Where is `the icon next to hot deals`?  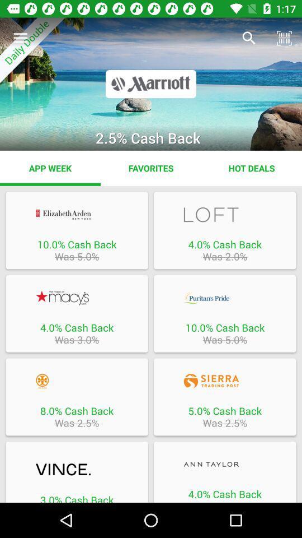
the icon next to hot deals is located at coordinates (151, 168).